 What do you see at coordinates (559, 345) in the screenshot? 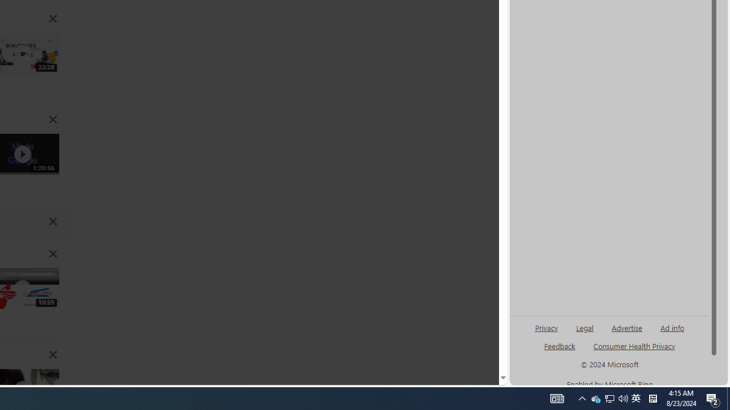
I see `'AutomationID: sb_feedback'` at bounding box center [559, 345].